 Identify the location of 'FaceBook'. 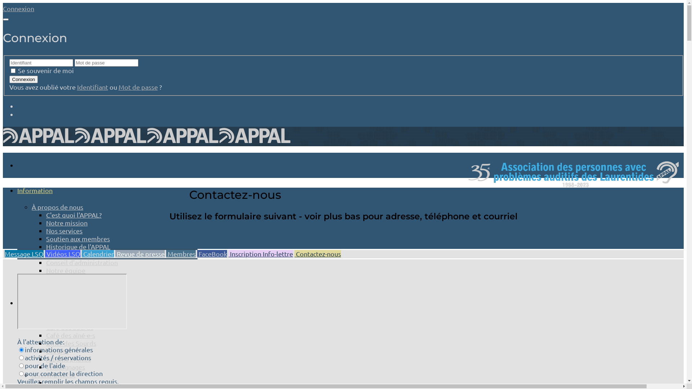
(212, 253).